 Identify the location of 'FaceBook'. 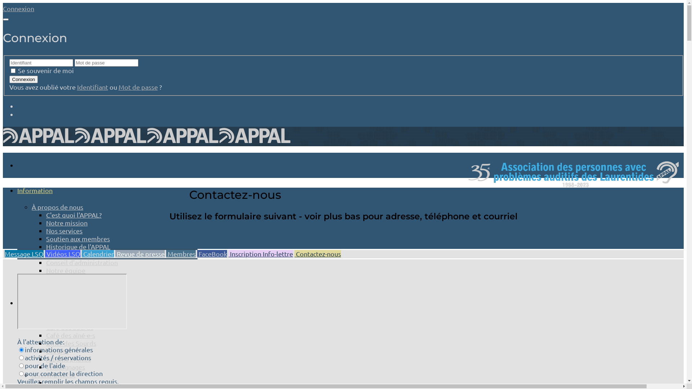
(212, 253).